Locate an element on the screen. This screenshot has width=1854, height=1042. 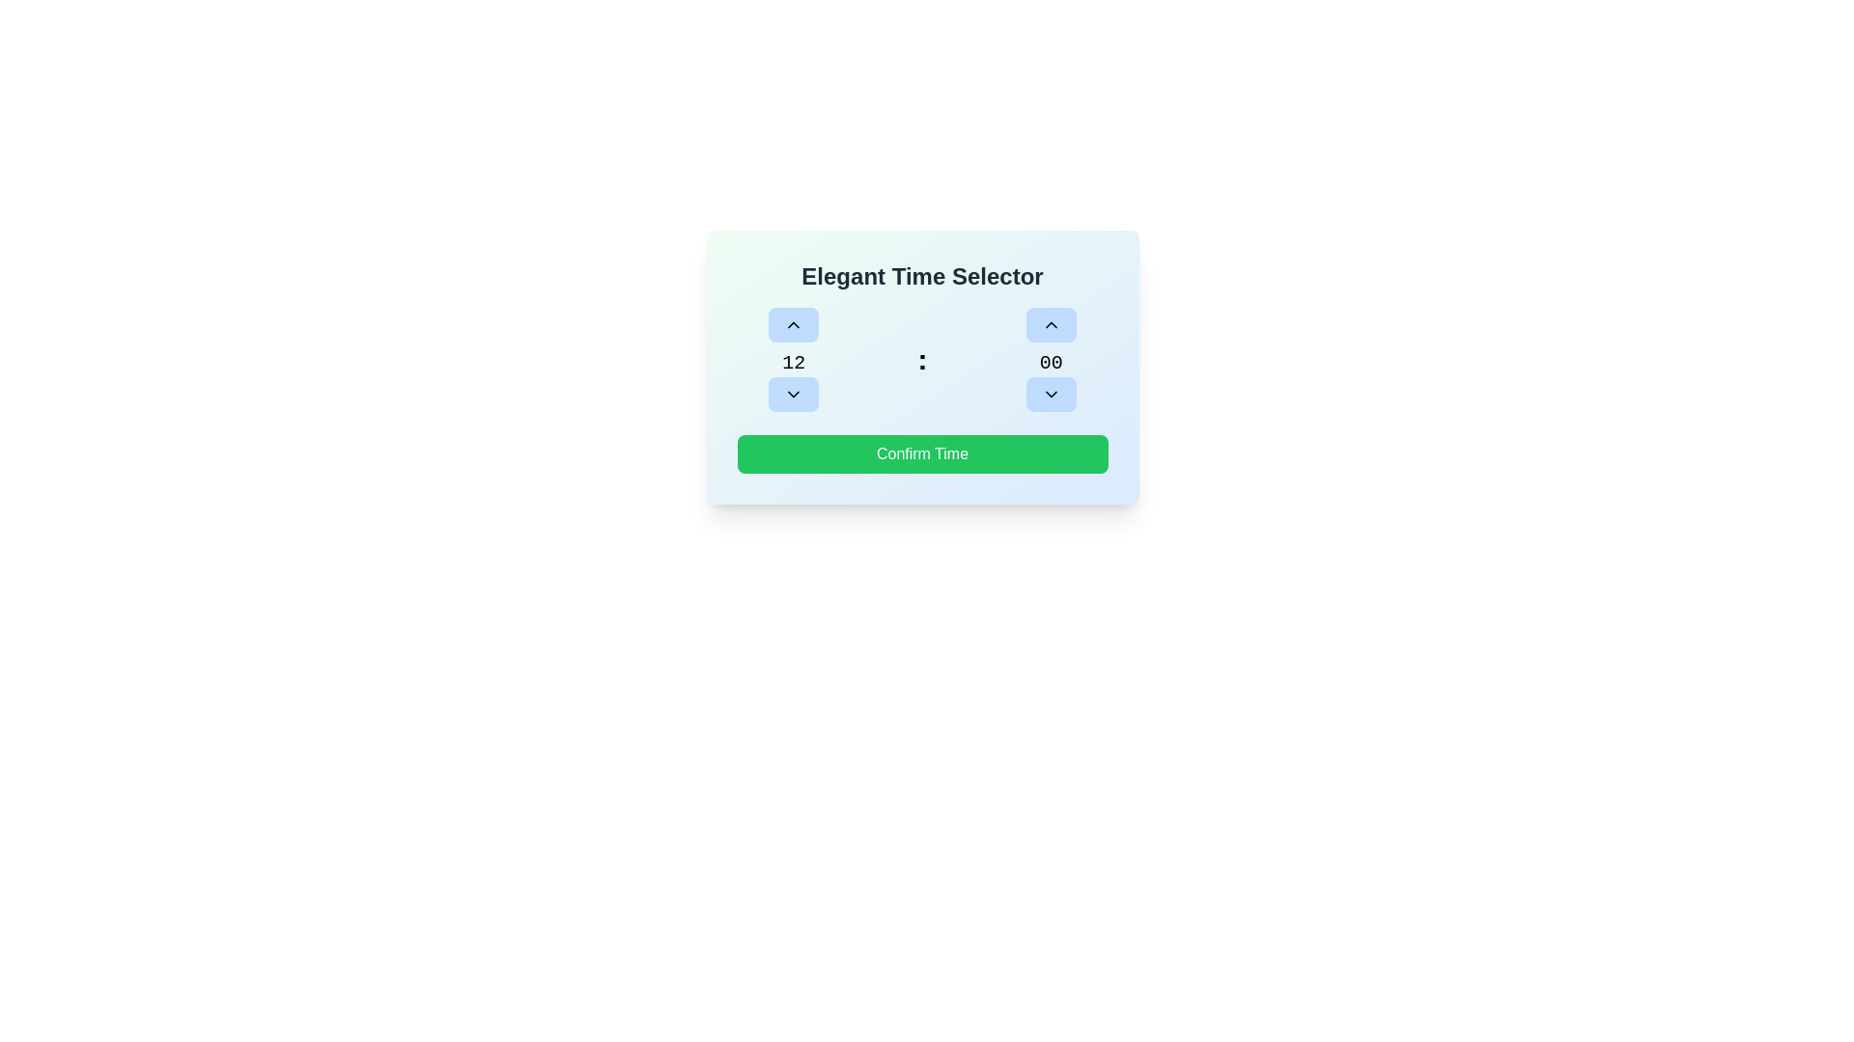
the small upward-pointing chevron icon within the light blue button located in the top-right position of the time selector interface is located at coordinates (1050, 323).